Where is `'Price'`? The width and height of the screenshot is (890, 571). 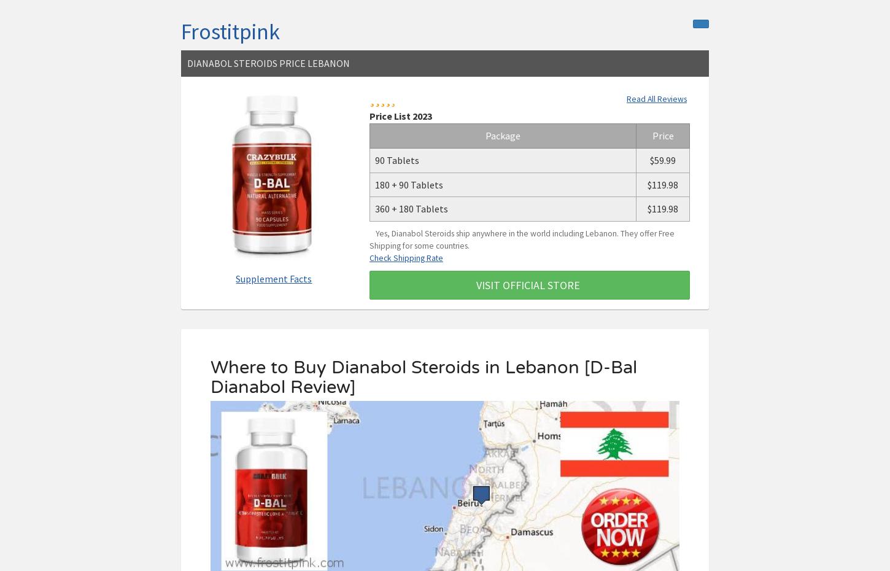
'Price' is located at coordinates (662, 134).